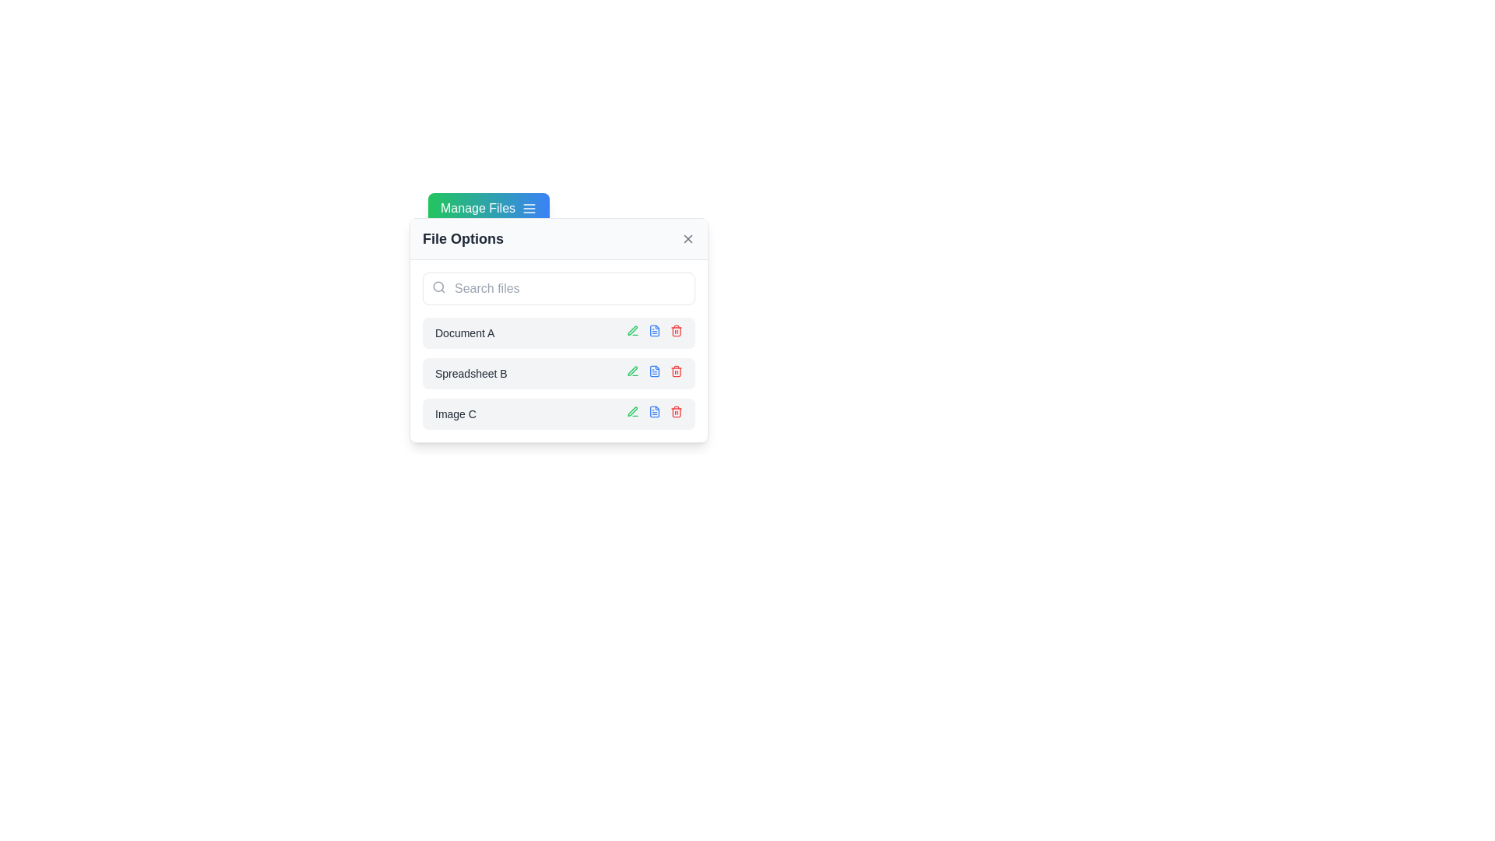  What do you see at coordinates (559, 333) in the screenshot?
I see `the first entry in the 'File Options' panel, which is labeled 'Document A' and contains action buttons for editing, viewing, and deleting the file` at bounding box center [559, 333].